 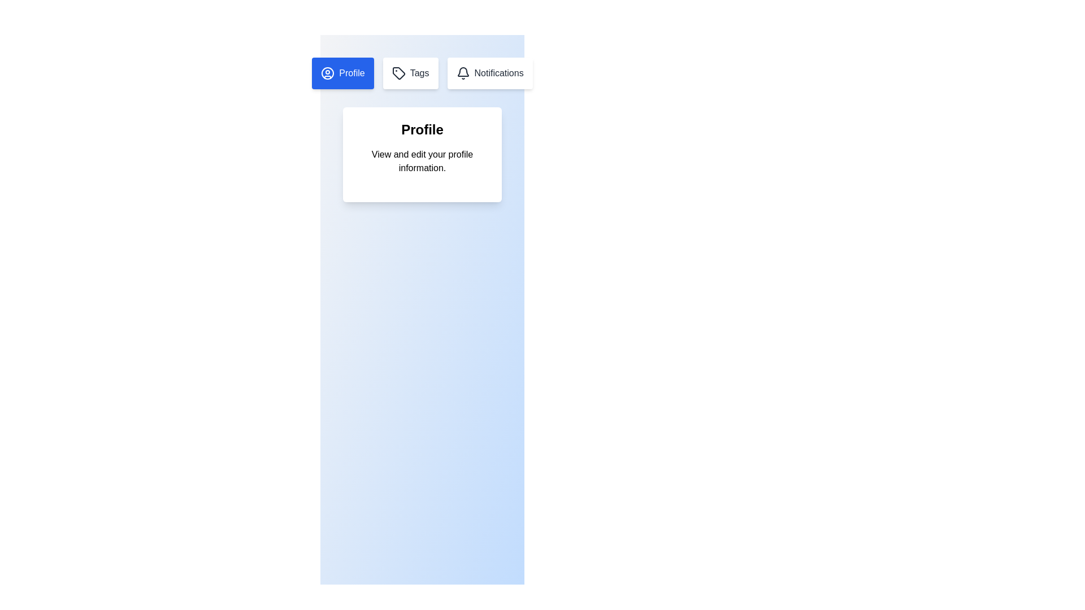 What do you see at coordinates (409, 73) in the screenshot?
I see `the Tags tab` at bounding box center [409, 73].